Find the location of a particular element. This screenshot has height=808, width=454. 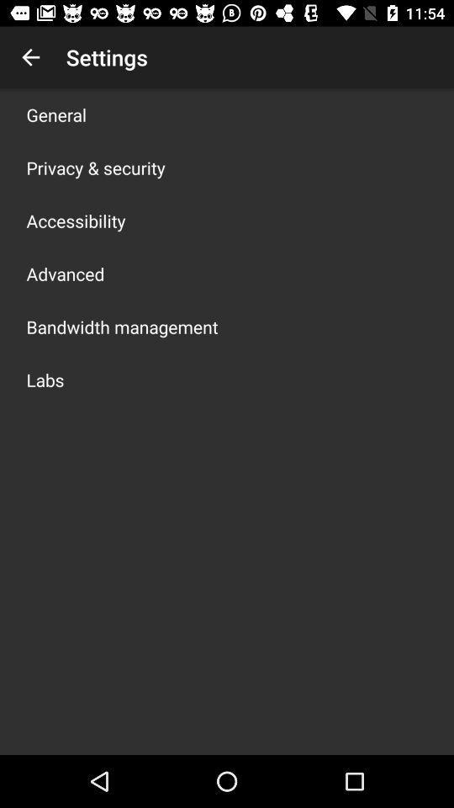

item below the advanced app is located at coordinates (121, 326).